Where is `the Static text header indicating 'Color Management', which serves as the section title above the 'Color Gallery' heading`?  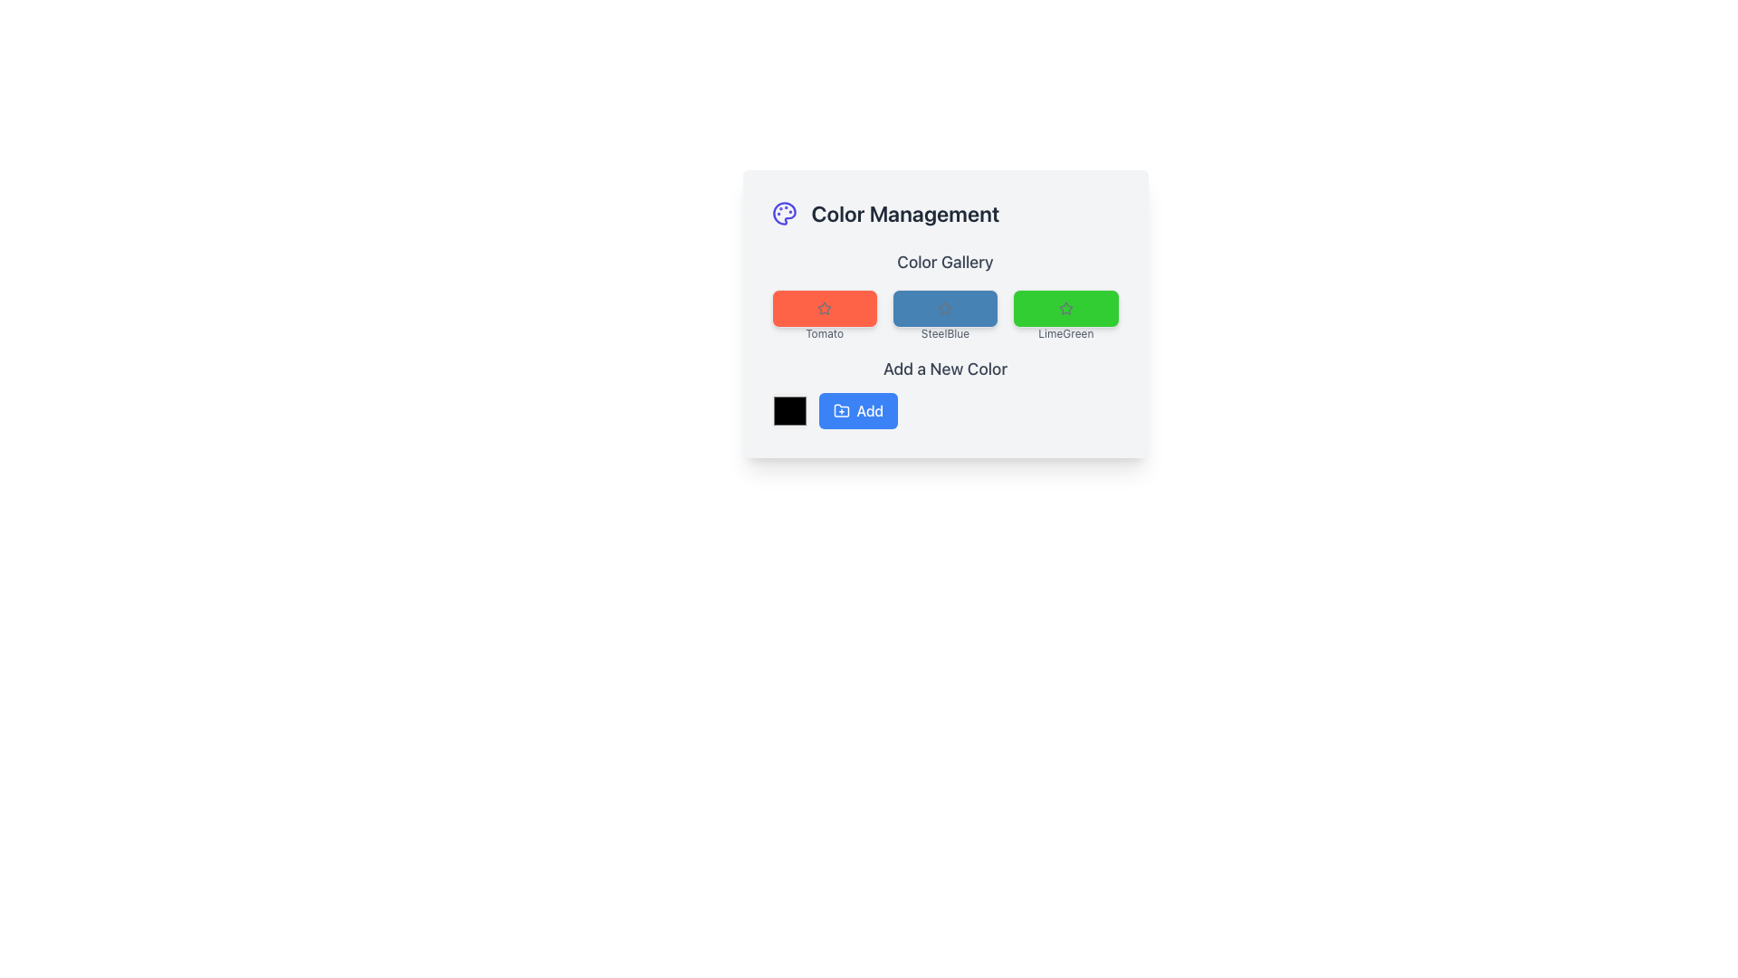 the Static text header indicating 'Color Management', which serves as the section title above the 'Color Gallery' heading is located at coordinates (905, 212).